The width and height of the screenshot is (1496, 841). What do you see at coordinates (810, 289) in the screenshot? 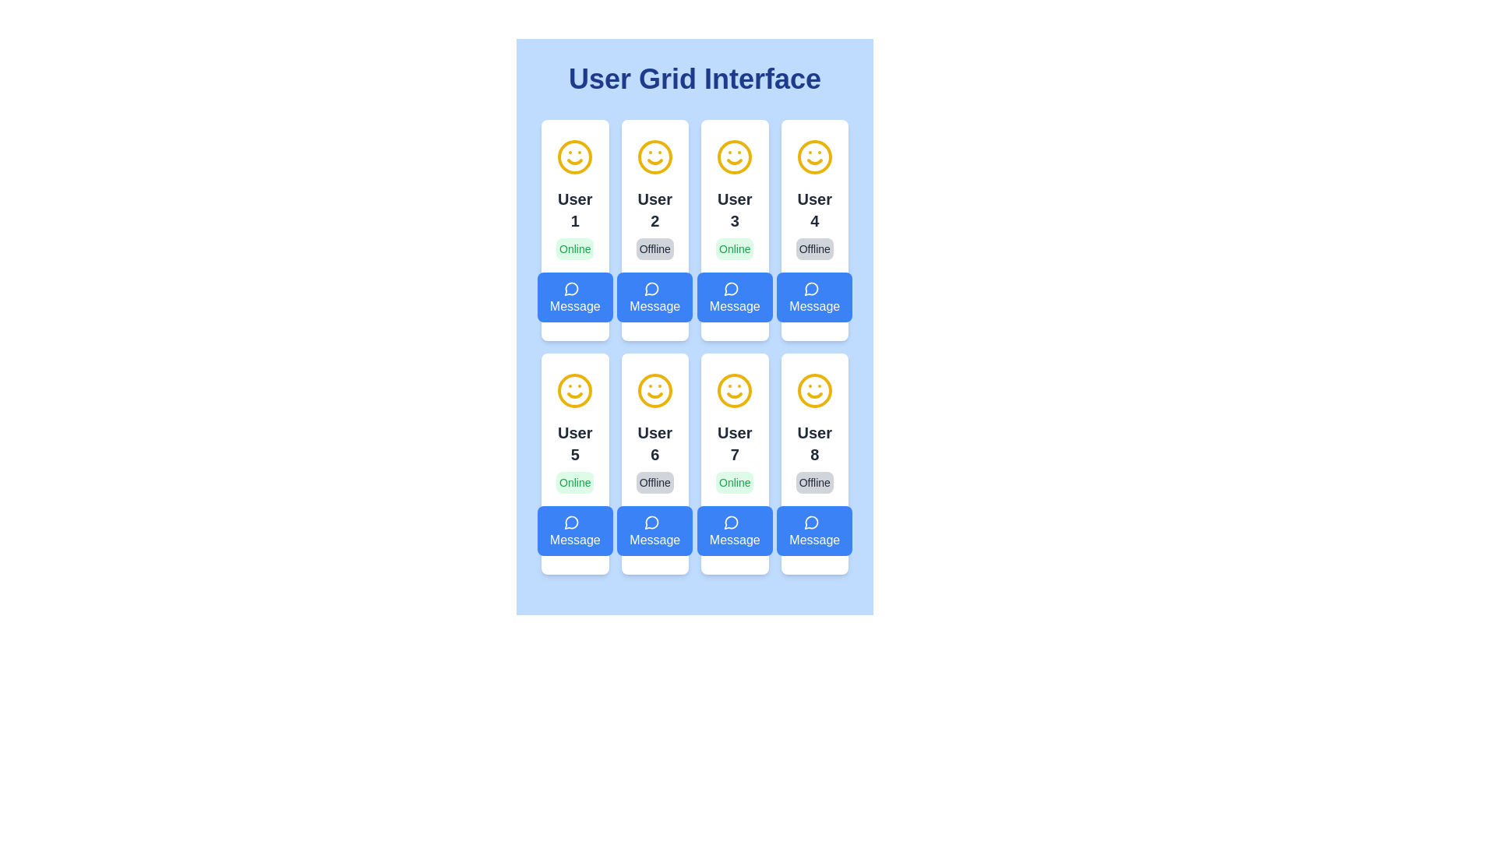
I see `central part of the message bubble icon located under the 'Message' button of 'User 4' in the upper-right quadrant of the interface` at bounding box center [810, 289].